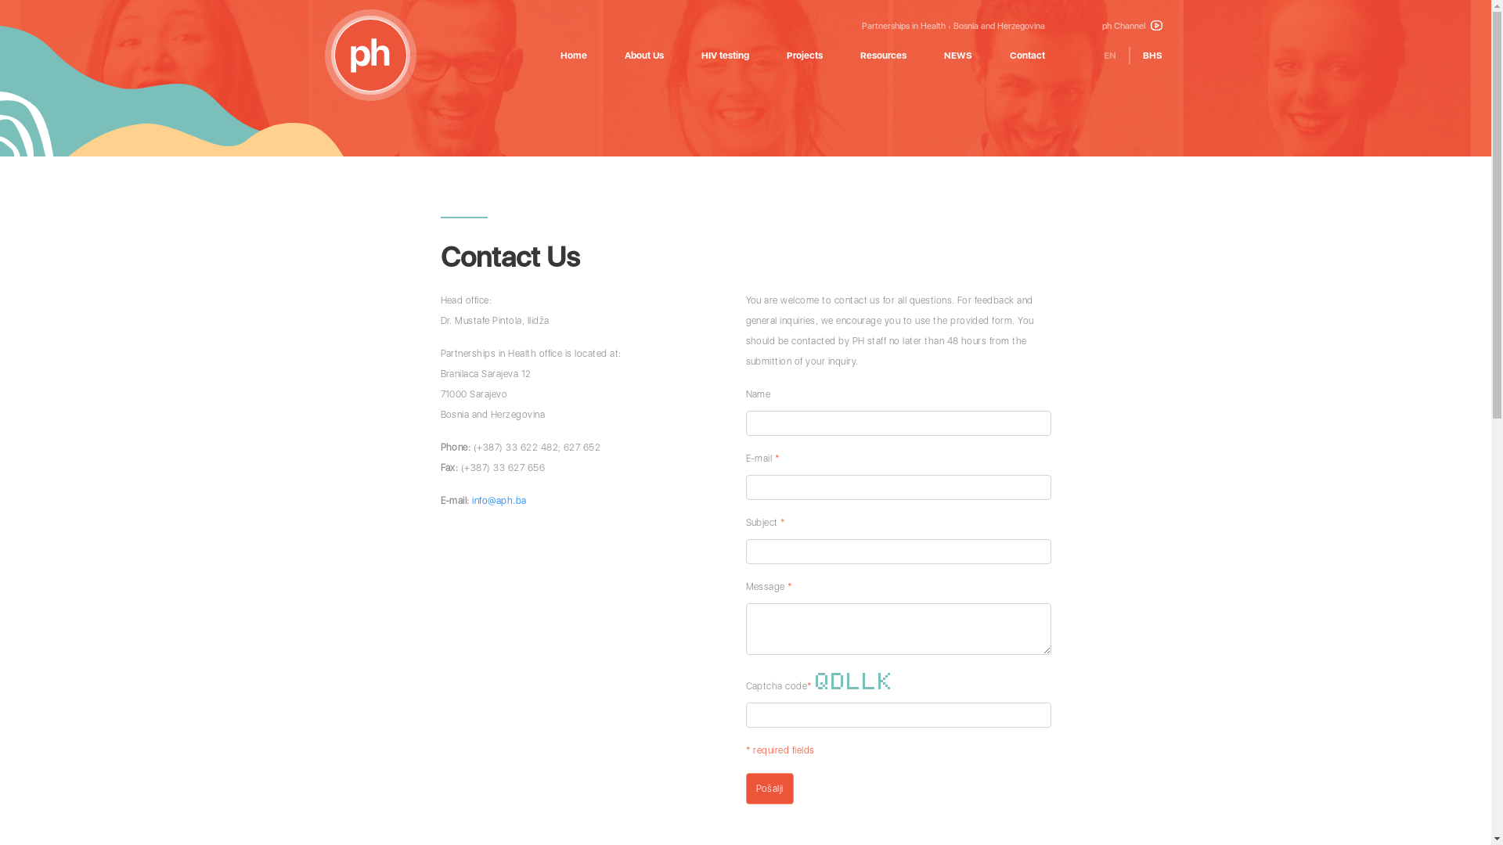  Describe the element at coordinates (903, 26) in the screenshot. I see `'Partnerships in Health'` at that location.